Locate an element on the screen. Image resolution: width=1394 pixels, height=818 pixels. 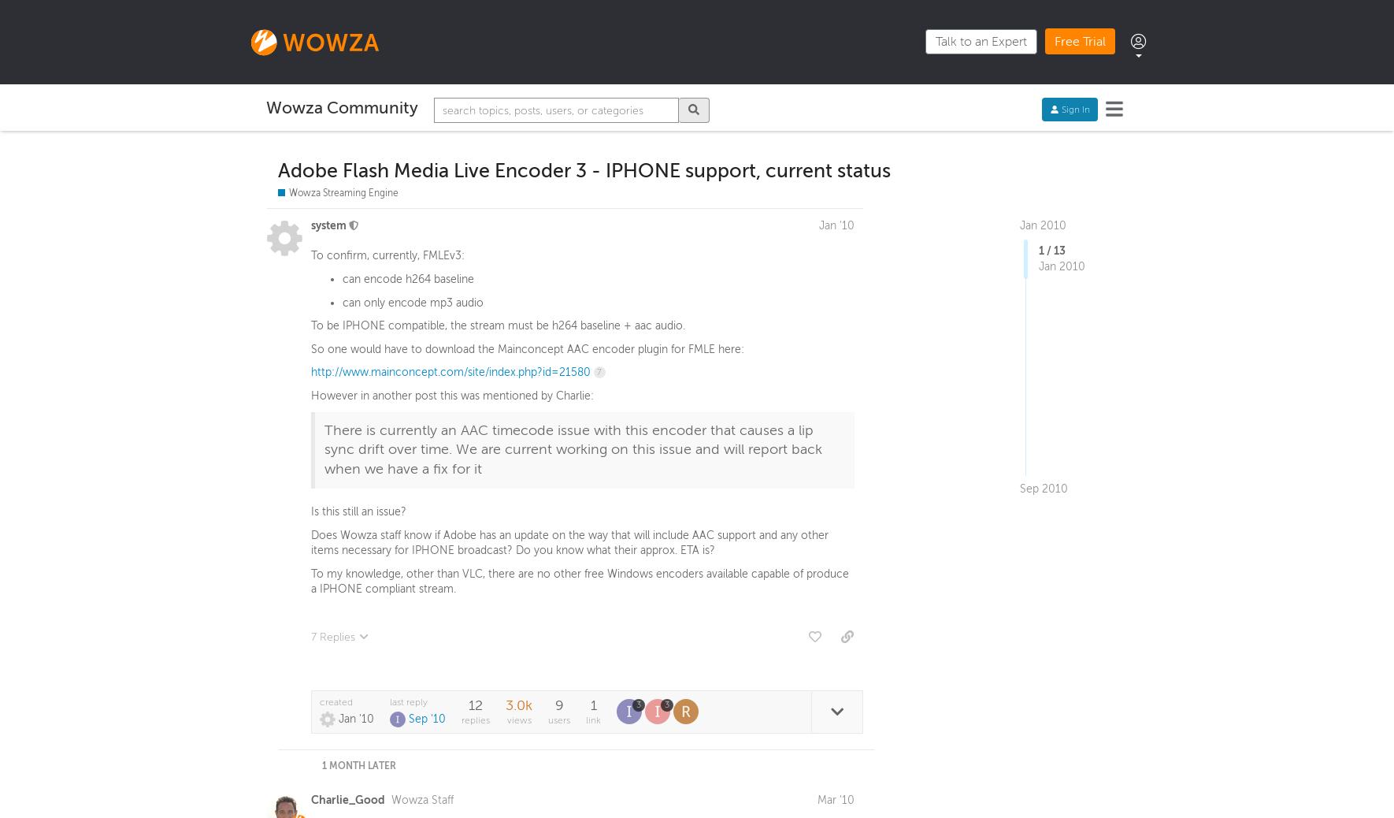
'Charlie_Good' is located at coordinates (347, 803).